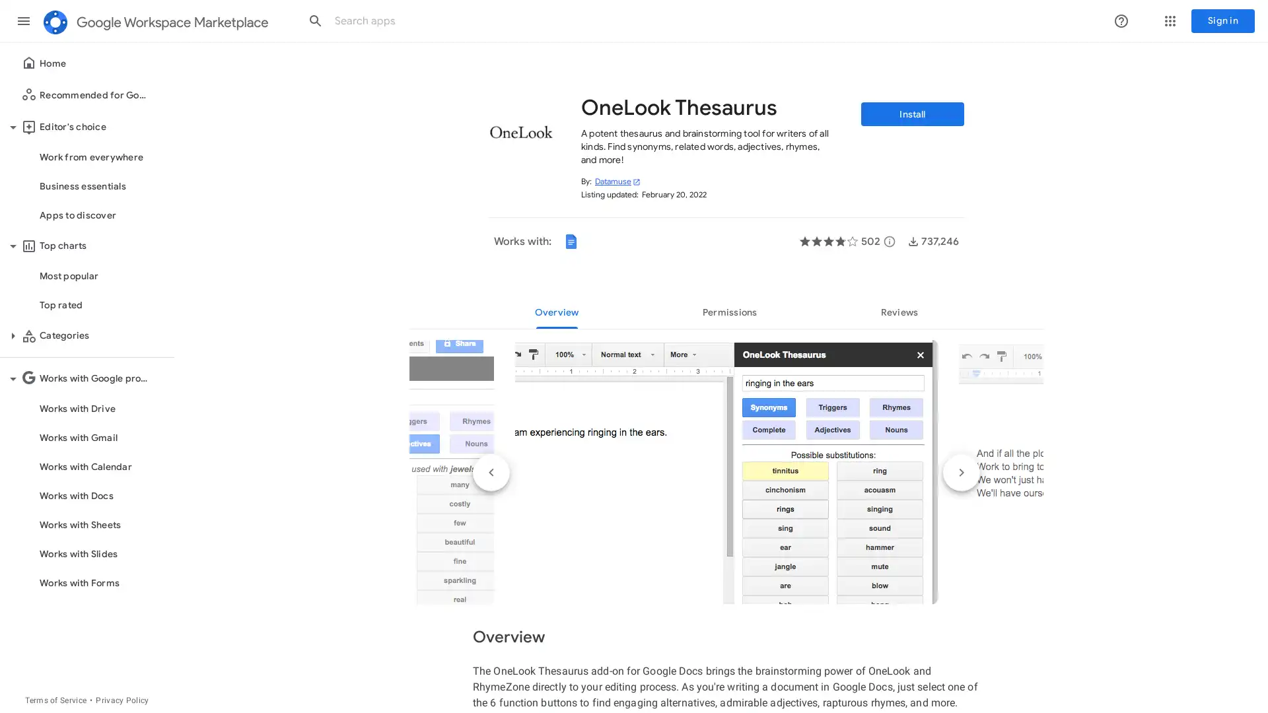  I want to click on Previous, so click(491, 472).